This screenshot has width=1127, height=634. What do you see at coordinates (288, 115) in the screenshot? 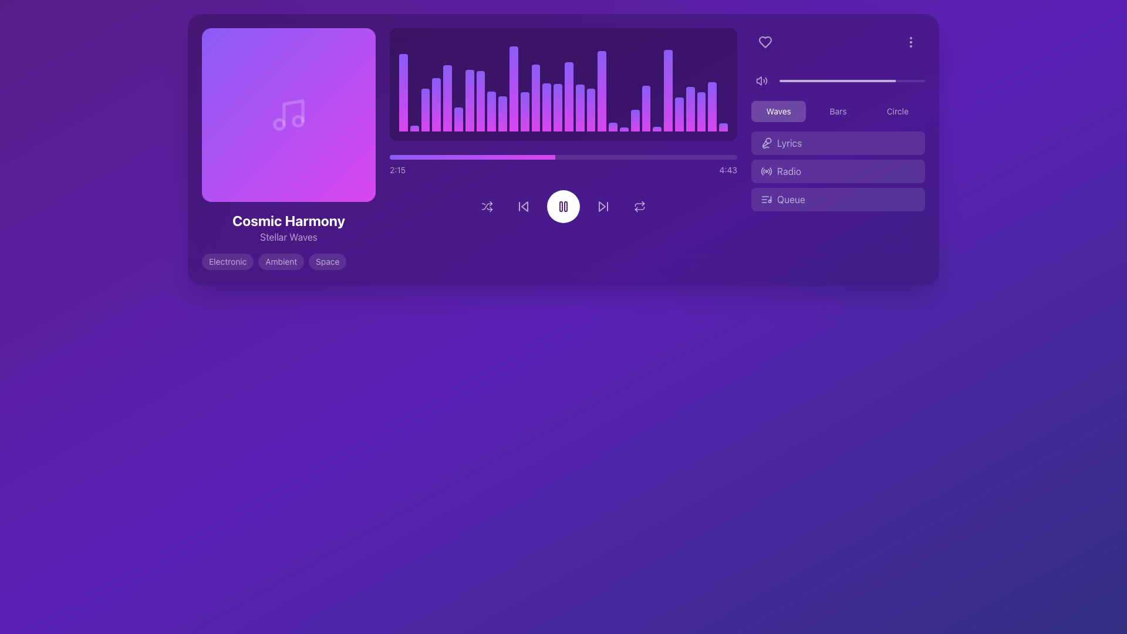
I see `the button located at the center of the album artwork section` at bounding box center [288, 115].